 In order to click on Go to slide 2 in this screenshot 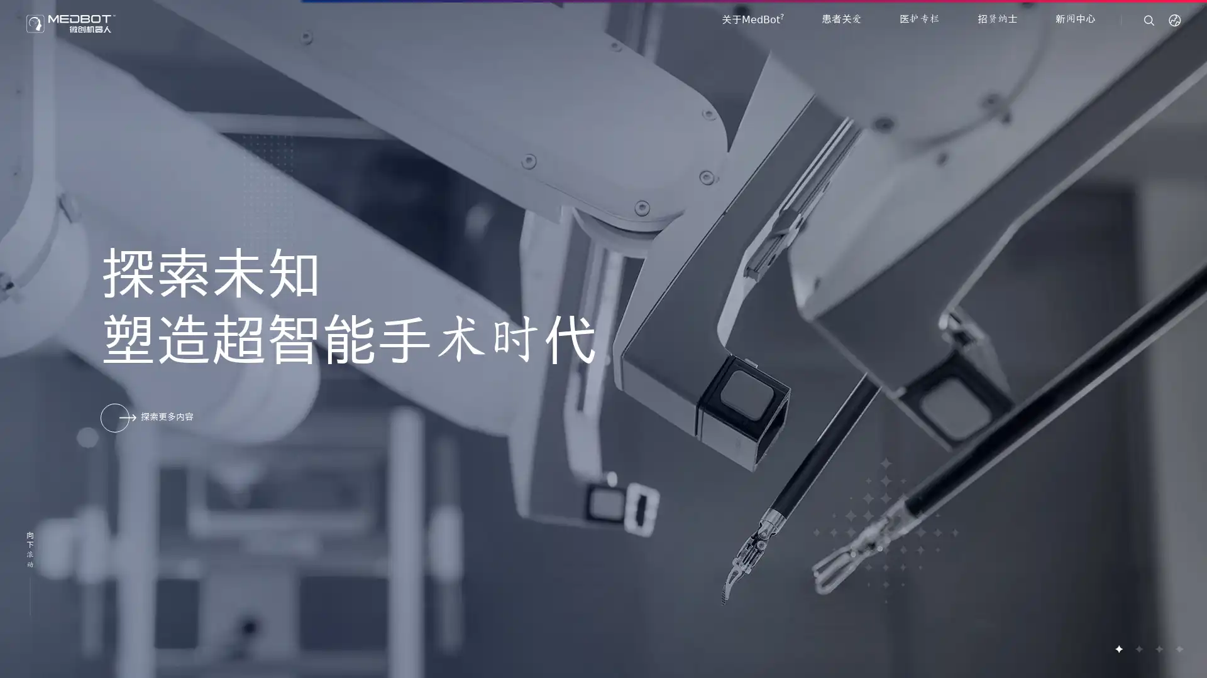, I will do `click(1138, 648)`.